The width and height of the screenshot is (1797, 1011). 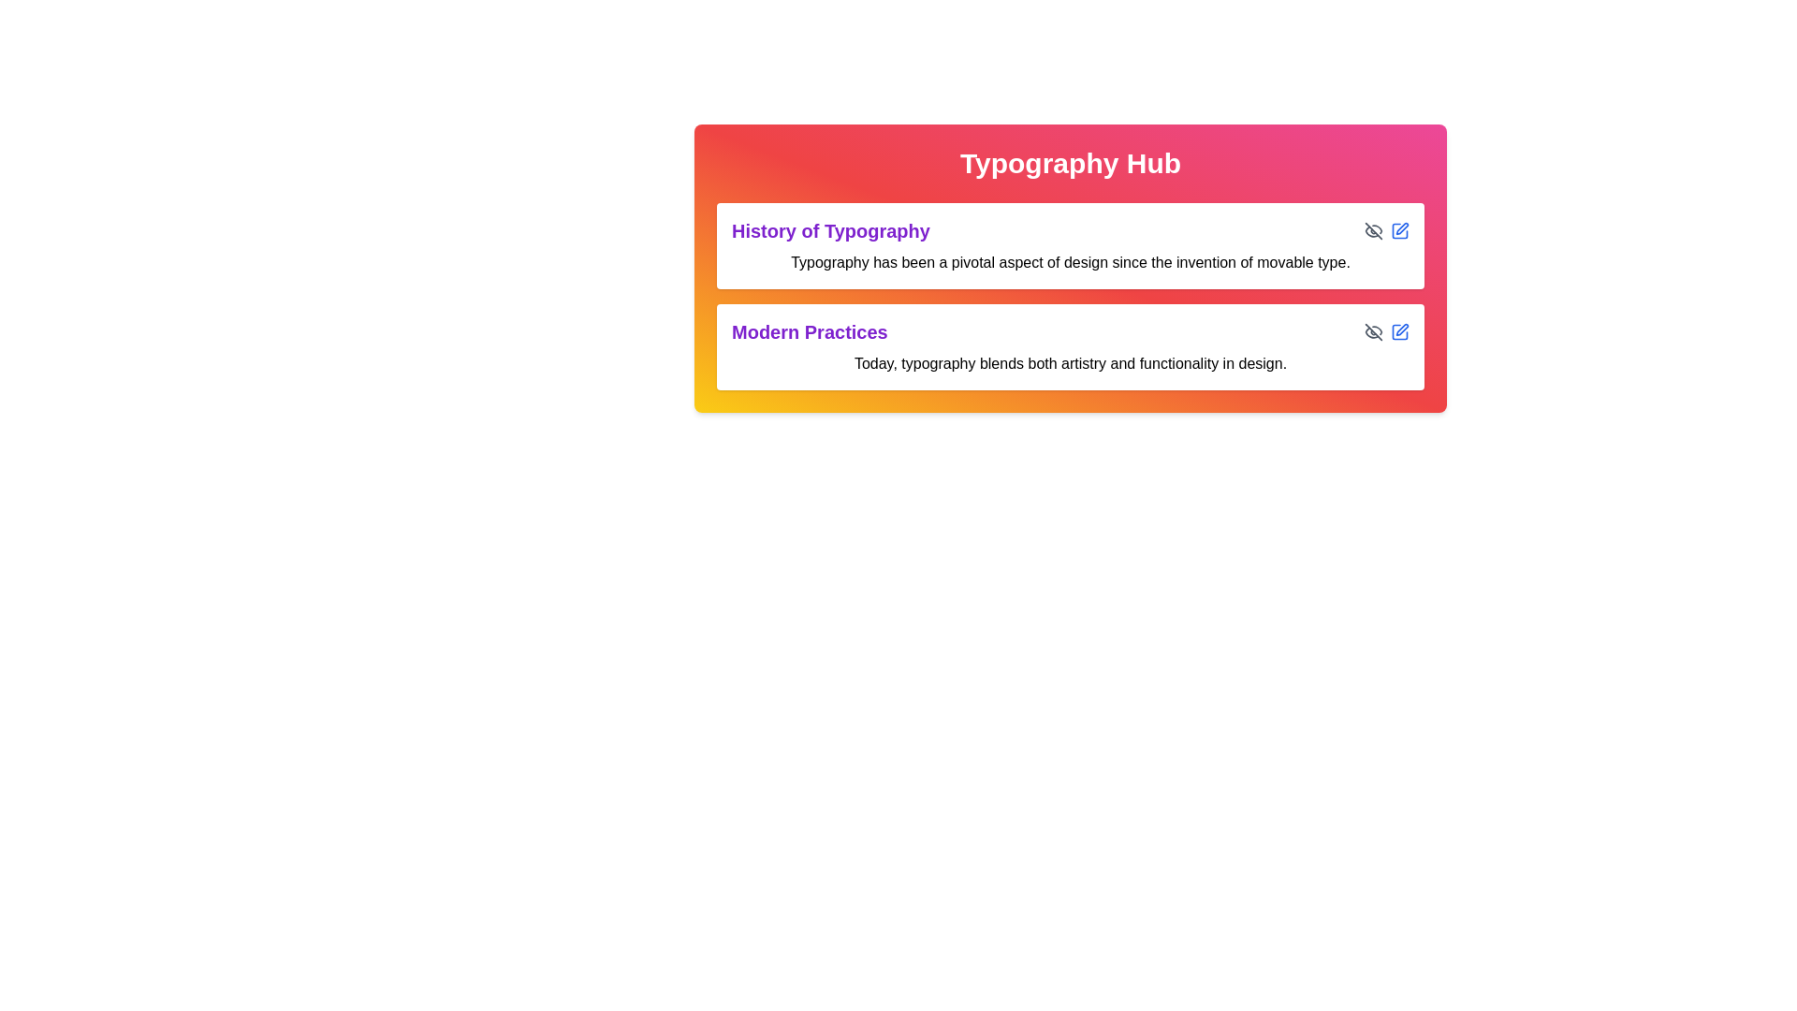 What do you see at coordinates (1387, 229) in the screenshot?
I see `the eye icon within the Icon group in the 'History of Typography' section` at bounding box center [1387, 229].